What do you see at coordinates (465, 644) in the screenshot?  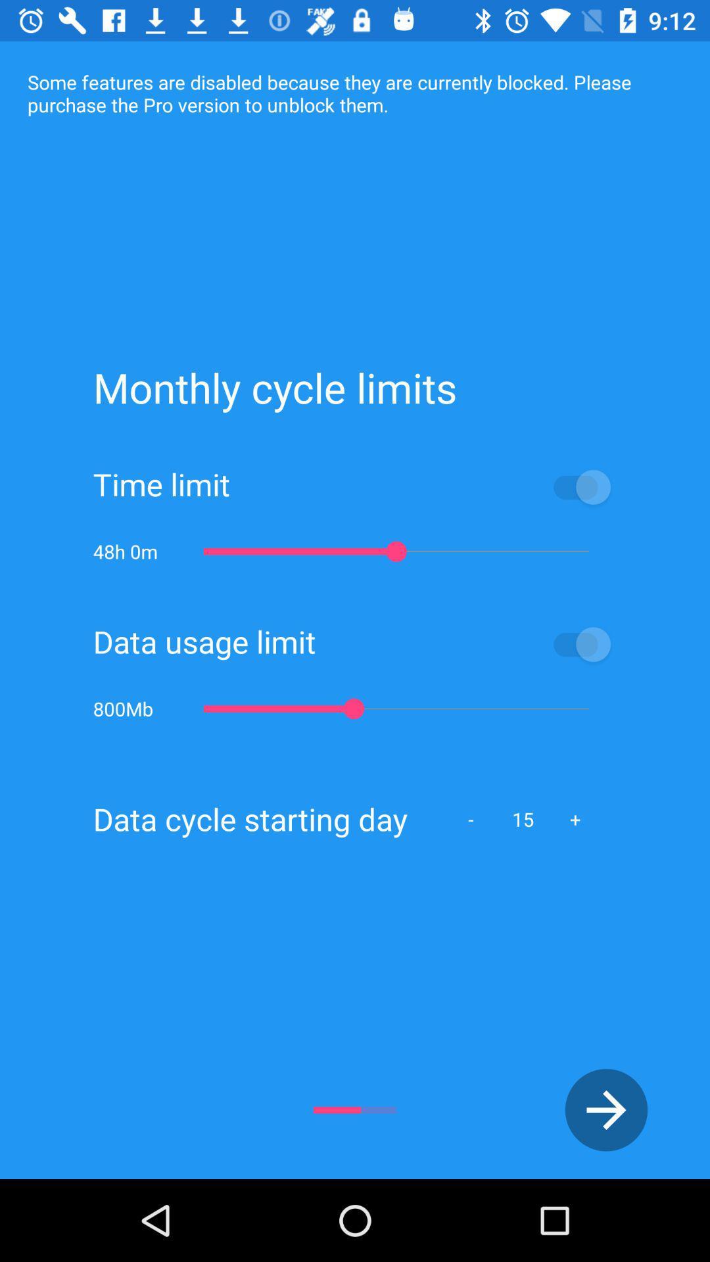 I see `data usage limit` at bounding box center [465, 644].